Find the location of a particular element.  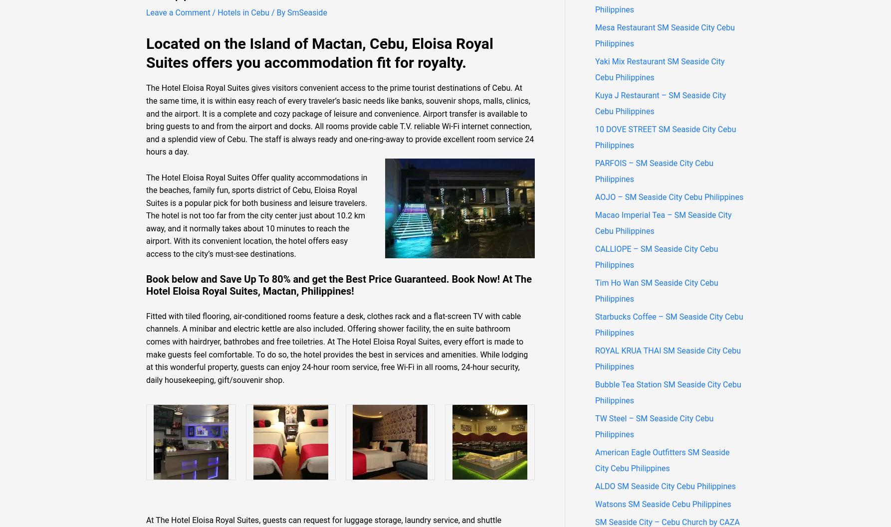

'TW Steel – SM Seaside City Cebu Philippines' is located at coordinates (654, 425).